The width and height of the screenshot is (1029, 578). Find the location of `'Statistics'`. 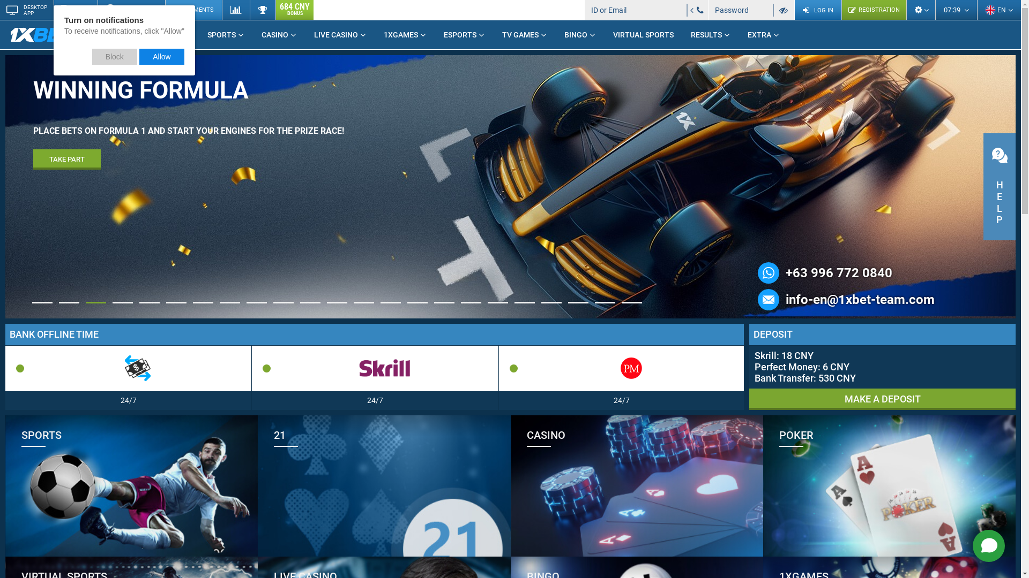

'Statistics' is located at coordinates (235, 10).